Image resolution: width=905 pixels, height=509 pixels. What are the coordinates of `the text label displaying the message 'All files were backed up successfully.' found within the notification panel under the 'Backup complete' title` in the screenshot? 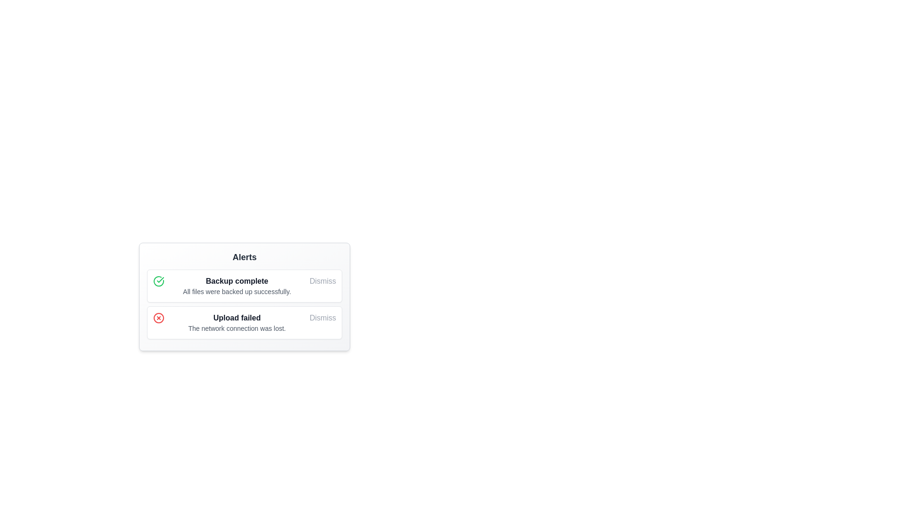 It's located at (237, 291).